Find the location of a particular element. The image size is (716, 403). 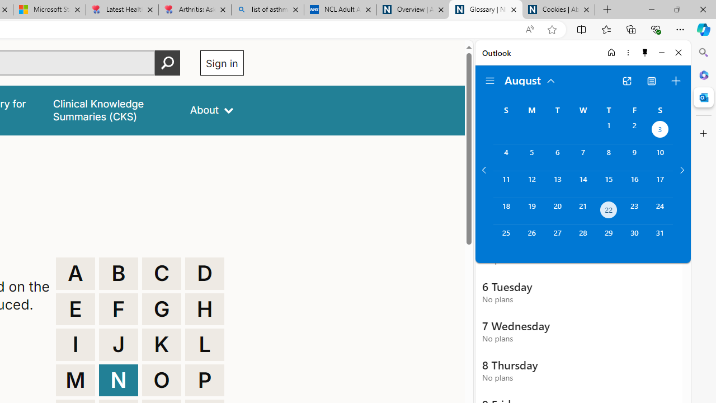

'Wednesday, August 7, 2024. ' is located at coordinates (582, 157).